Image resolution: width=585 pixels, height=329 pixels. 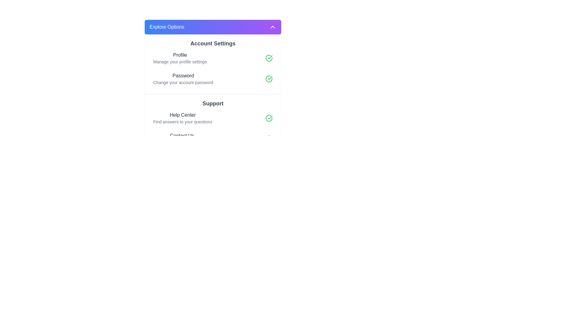 What do you see at coordinates (269, 118) in the screenshot?
I see `the Checkmark in Circle icon located to the right of the 'Help Center' section in the 'Support' category, adjacent to the text 'Find answers to your questions.'` at bounding box center [269, 118].